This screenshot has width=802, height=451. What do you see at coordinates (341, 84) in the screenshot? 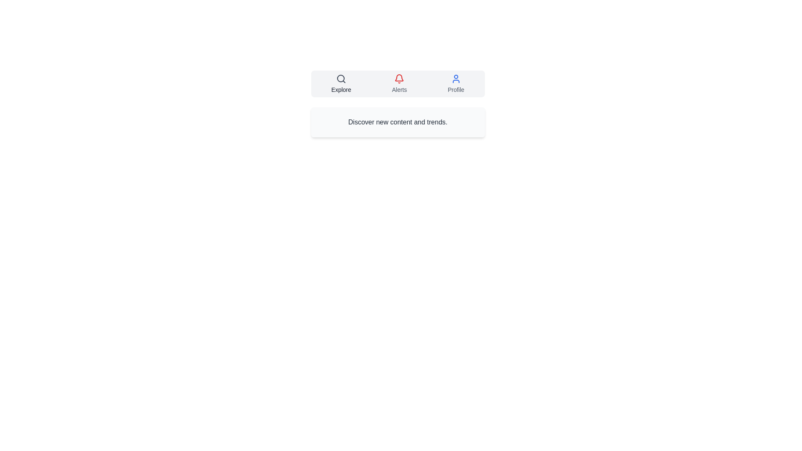
I see `the Explore tab to view its content` at bounding box center [341, 84].